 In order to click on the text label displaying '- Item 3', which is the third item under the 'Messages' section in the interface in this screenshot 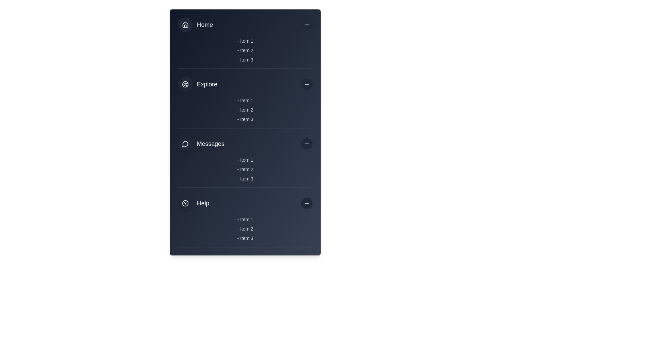, I will do `click(245, 178)`.